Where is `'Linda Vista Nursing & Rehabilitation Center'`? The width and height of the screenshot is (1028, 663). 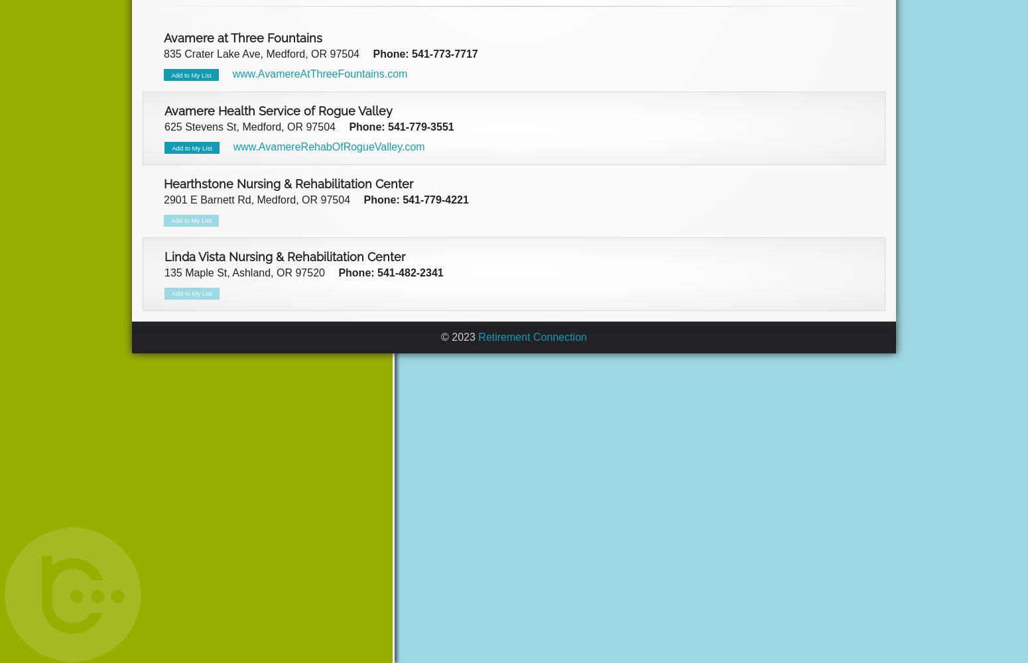
'Linda Vista Nursing & Rehabilitation Center' is located at coordinates (285, 256).